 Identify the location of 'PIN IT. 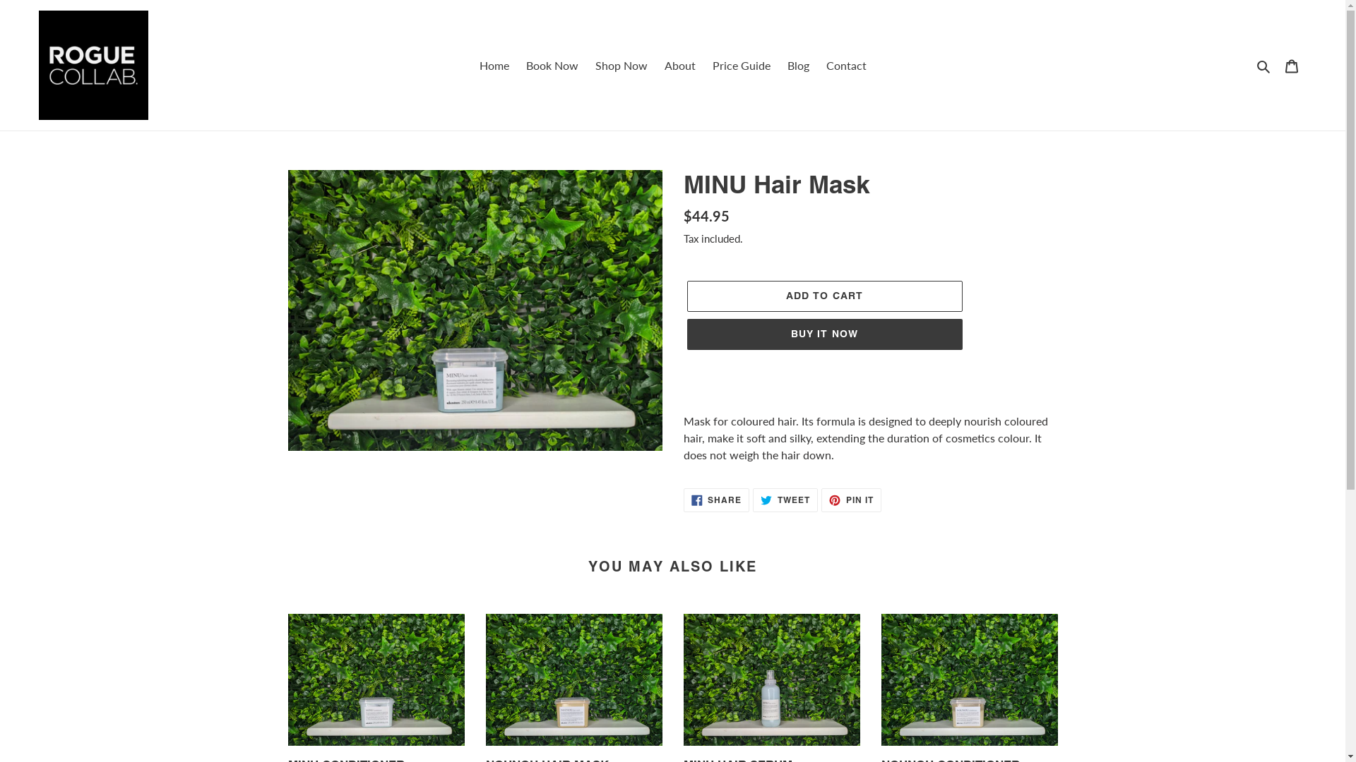
(850, 500).